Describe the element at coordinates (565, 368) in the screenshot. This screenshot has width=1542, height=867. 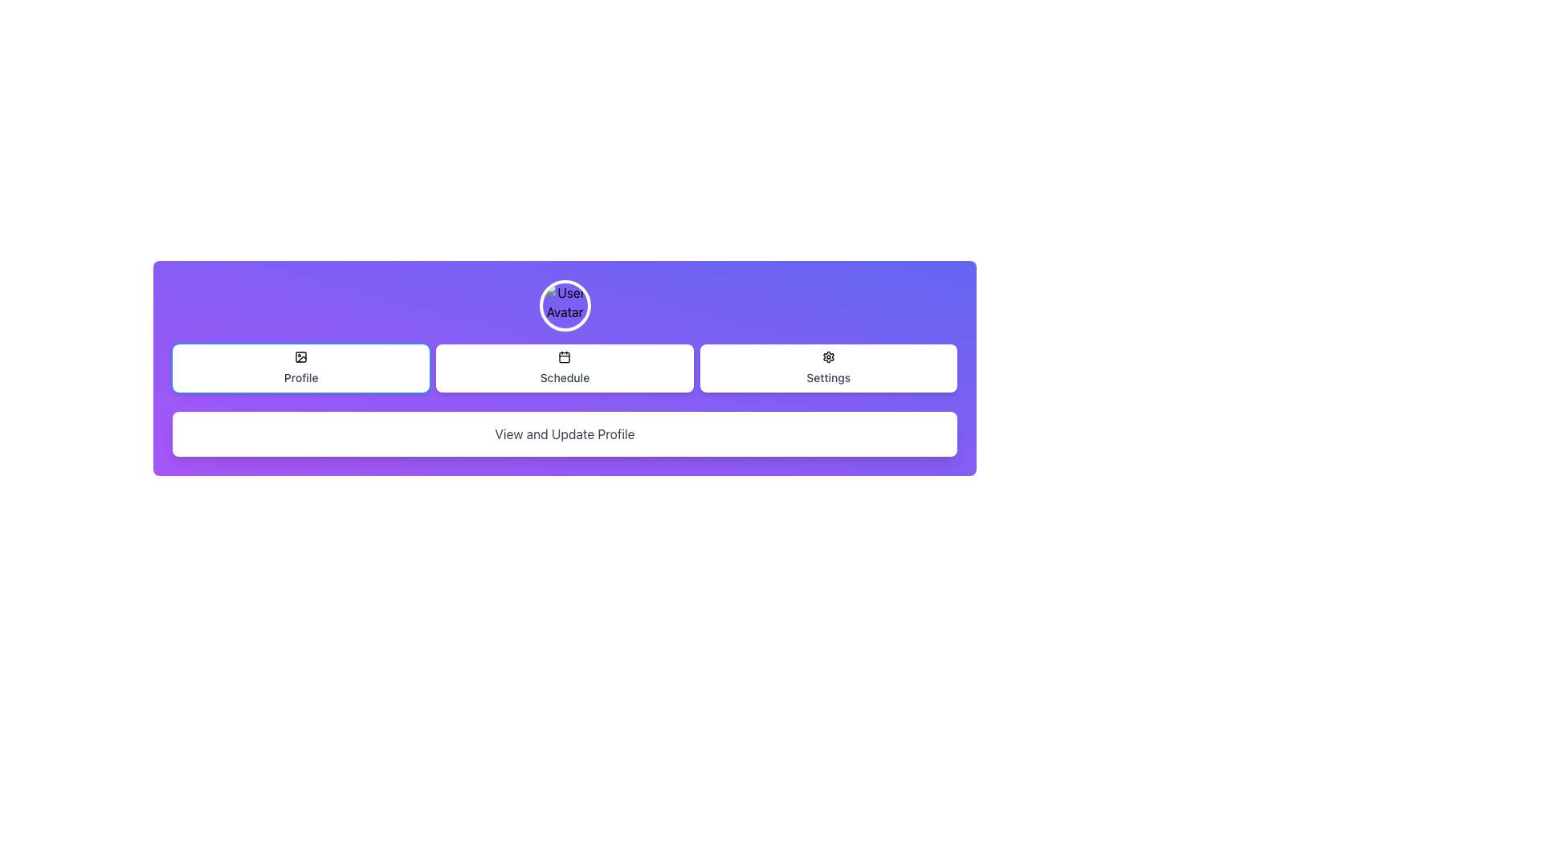
I see `the scheduling button located in the horizontal grid layout between the 'Profile' button and the 'Settings' button` at that location.